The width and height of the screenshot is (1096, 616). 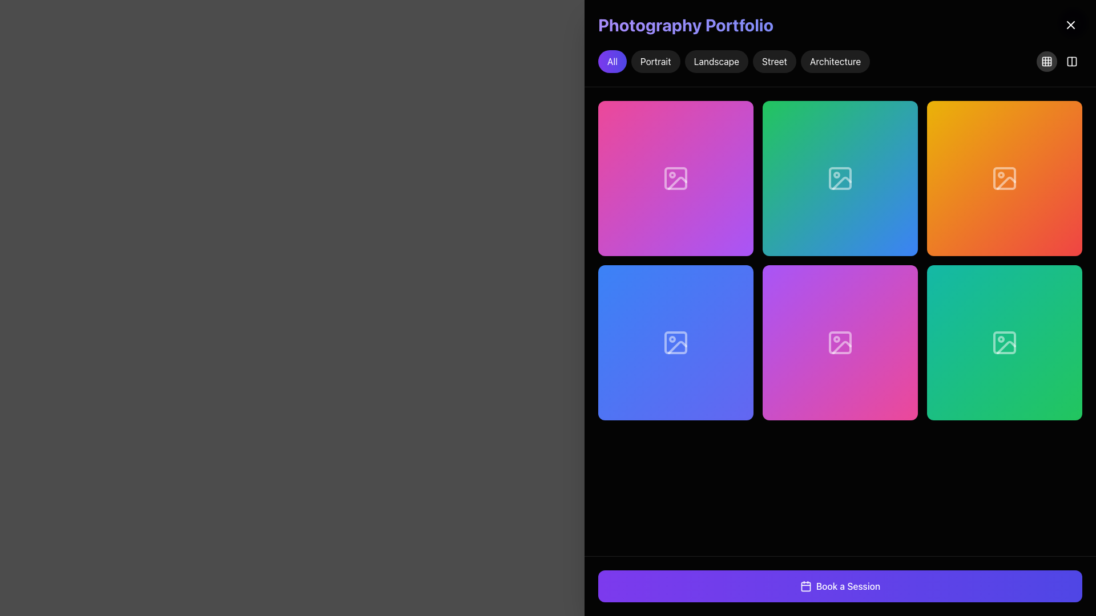 I want to click on the 'Architecture' button in the interactive button group to filter content, so click(x=840, y=62).